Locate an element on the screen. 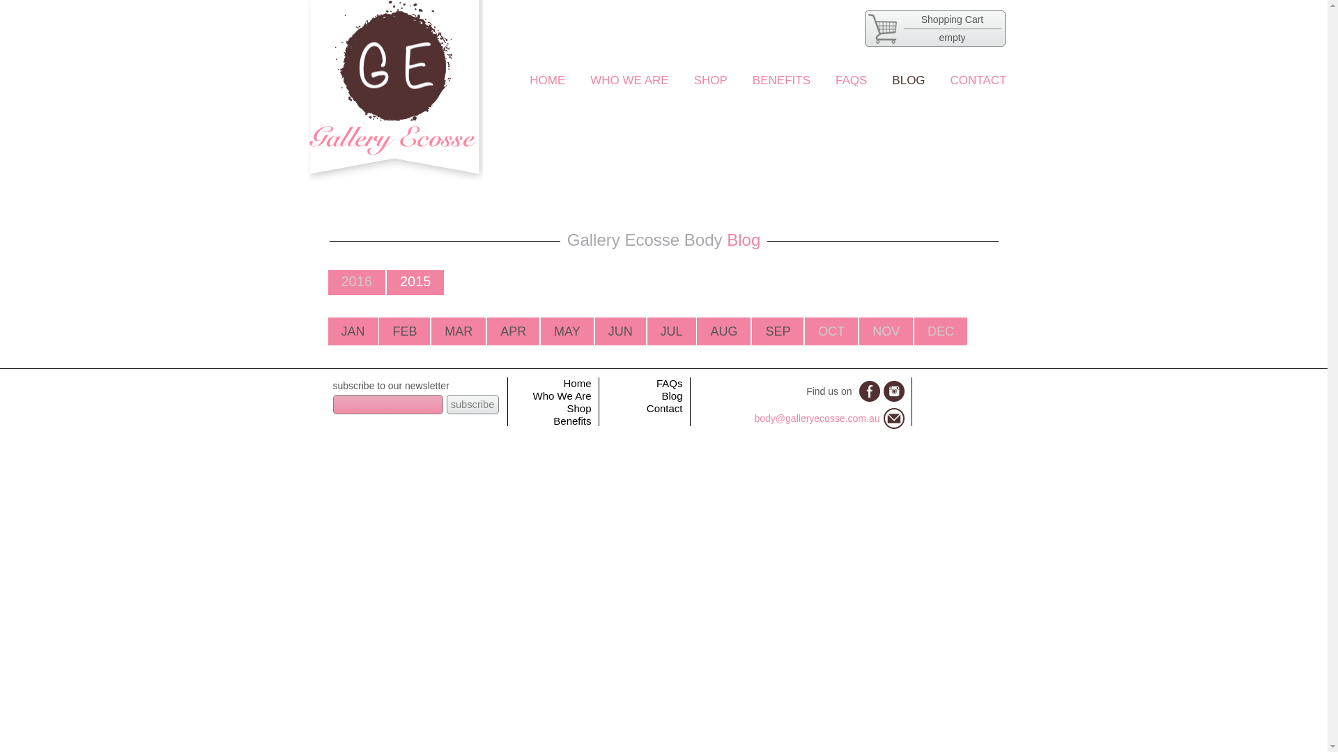  'Benefits' is located at coordinates (571, 420).